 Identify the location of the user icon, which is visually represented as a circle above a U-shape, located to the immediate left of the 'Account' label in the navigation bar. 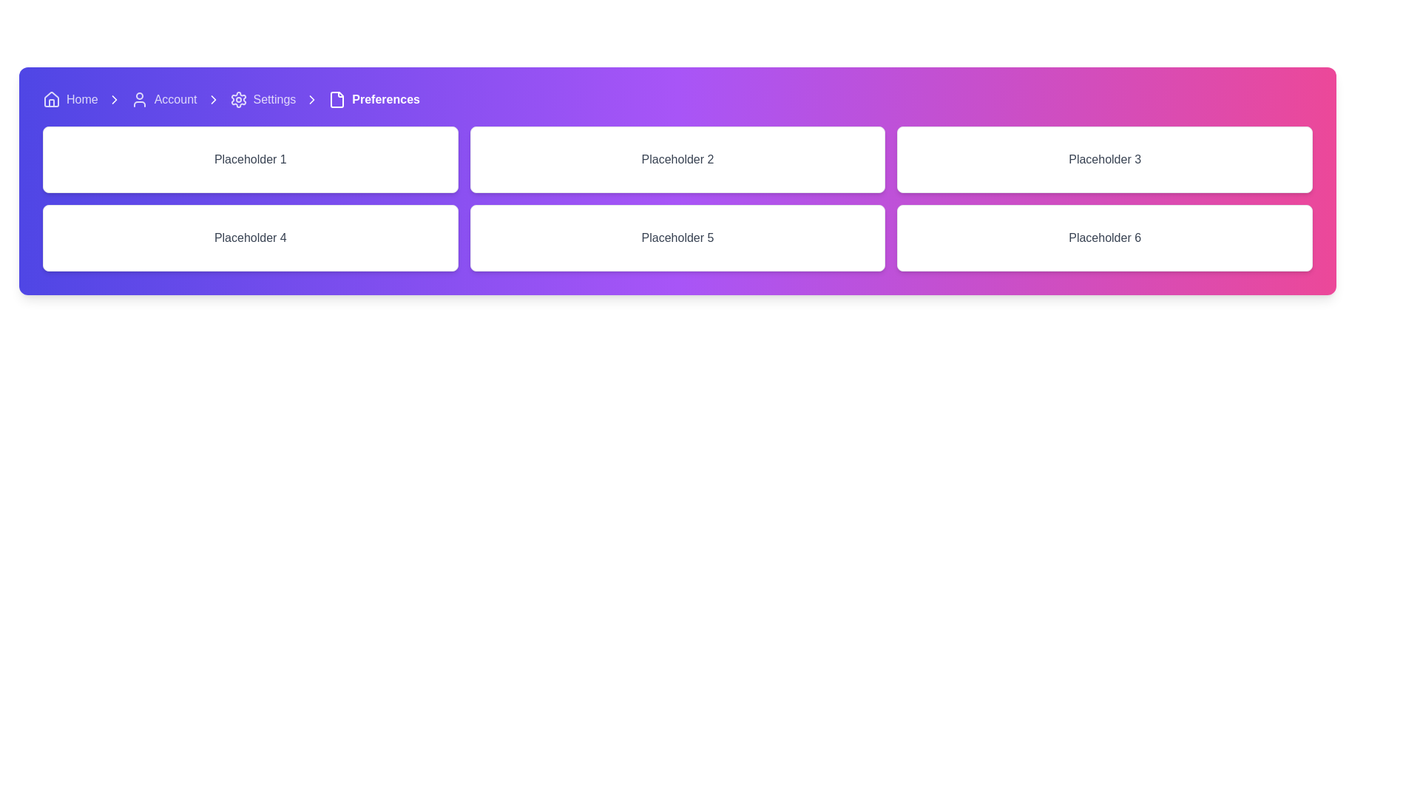
(139, 100).